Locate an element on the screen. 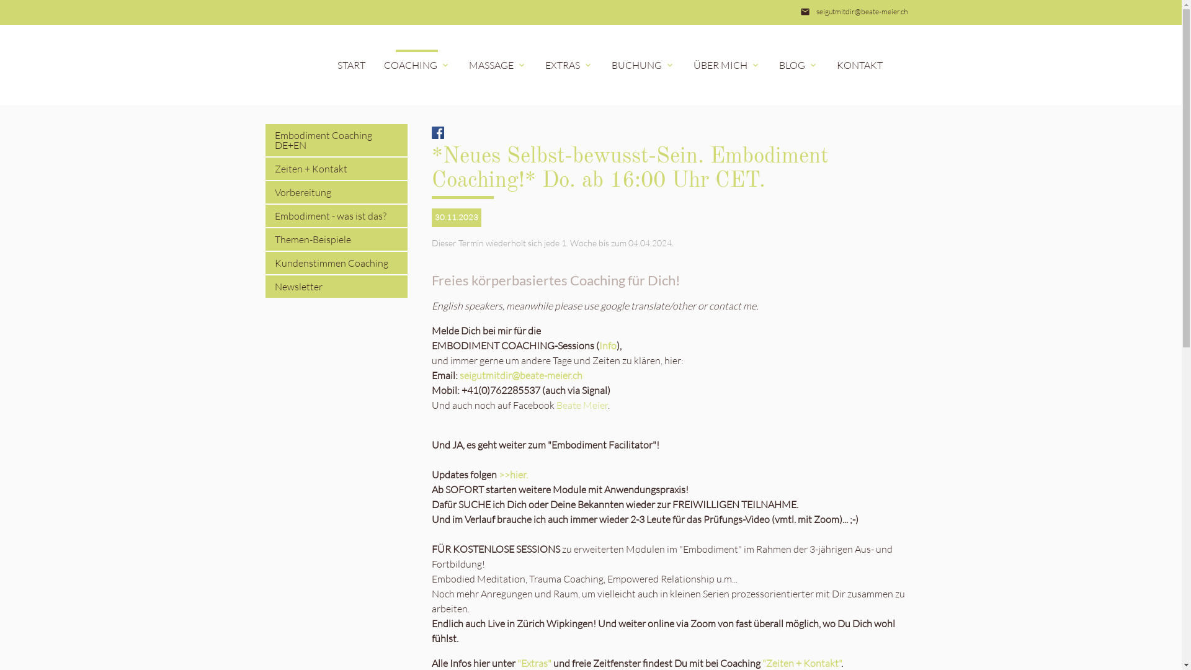 Image resolution: width=1191 pixels, height=670 pixels. 'Auf Facebook teilen' is located at coordinates (432, 132).